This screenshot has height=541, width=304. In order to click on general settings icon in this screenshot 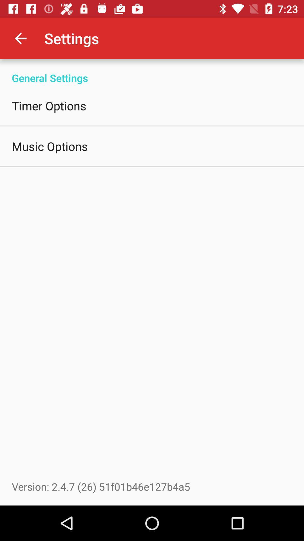, I will do `click(152, 72)`.